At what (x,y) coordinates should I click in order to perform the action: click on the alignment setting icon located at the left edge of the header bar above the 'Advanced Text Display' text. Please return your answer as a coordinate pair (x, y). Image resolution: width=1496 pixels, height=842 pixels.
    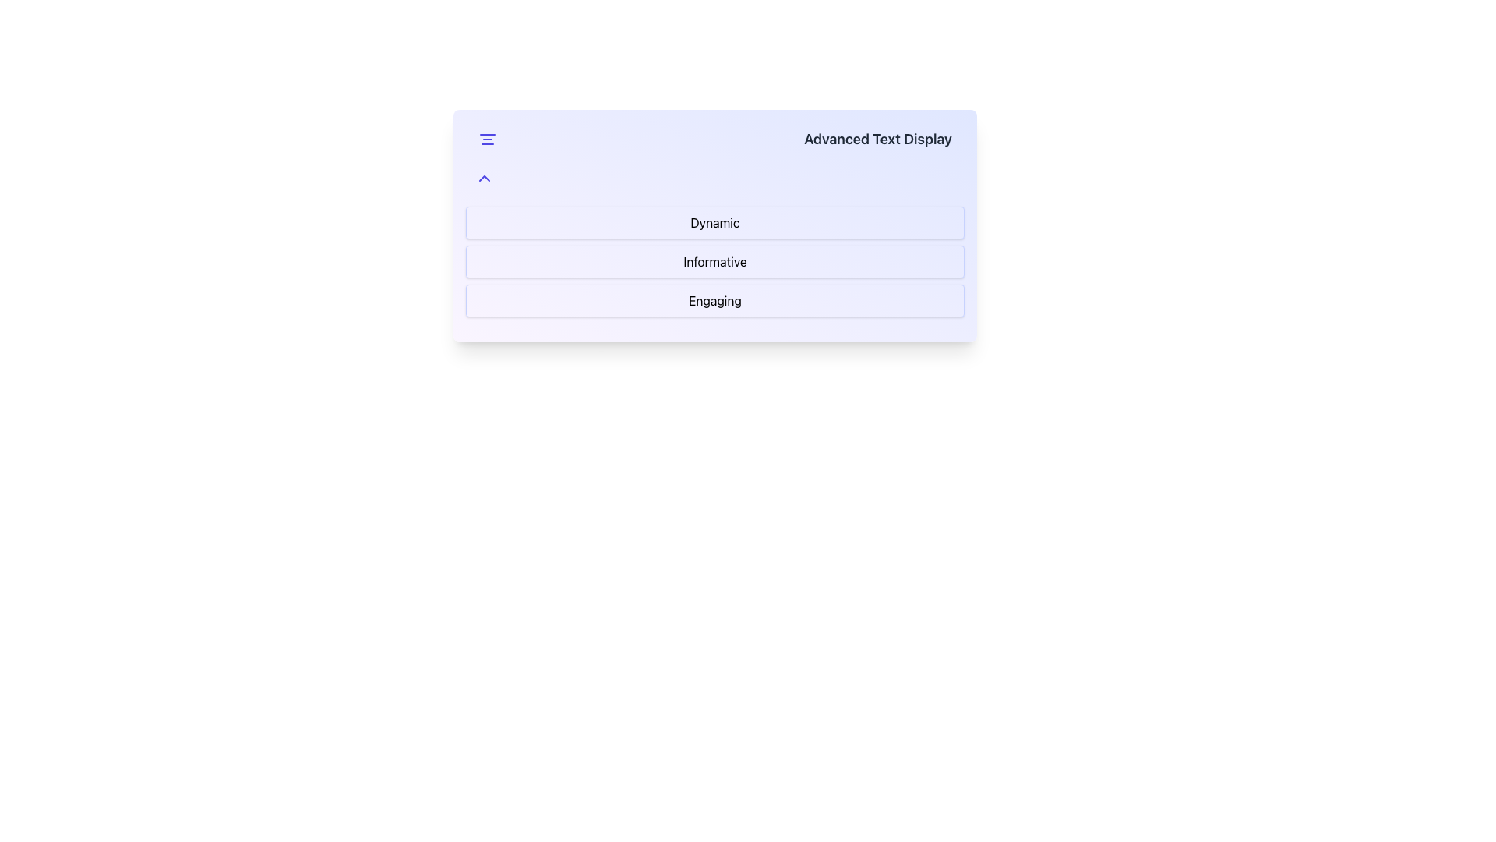
    Looking at the image, I should click on (486, 138).